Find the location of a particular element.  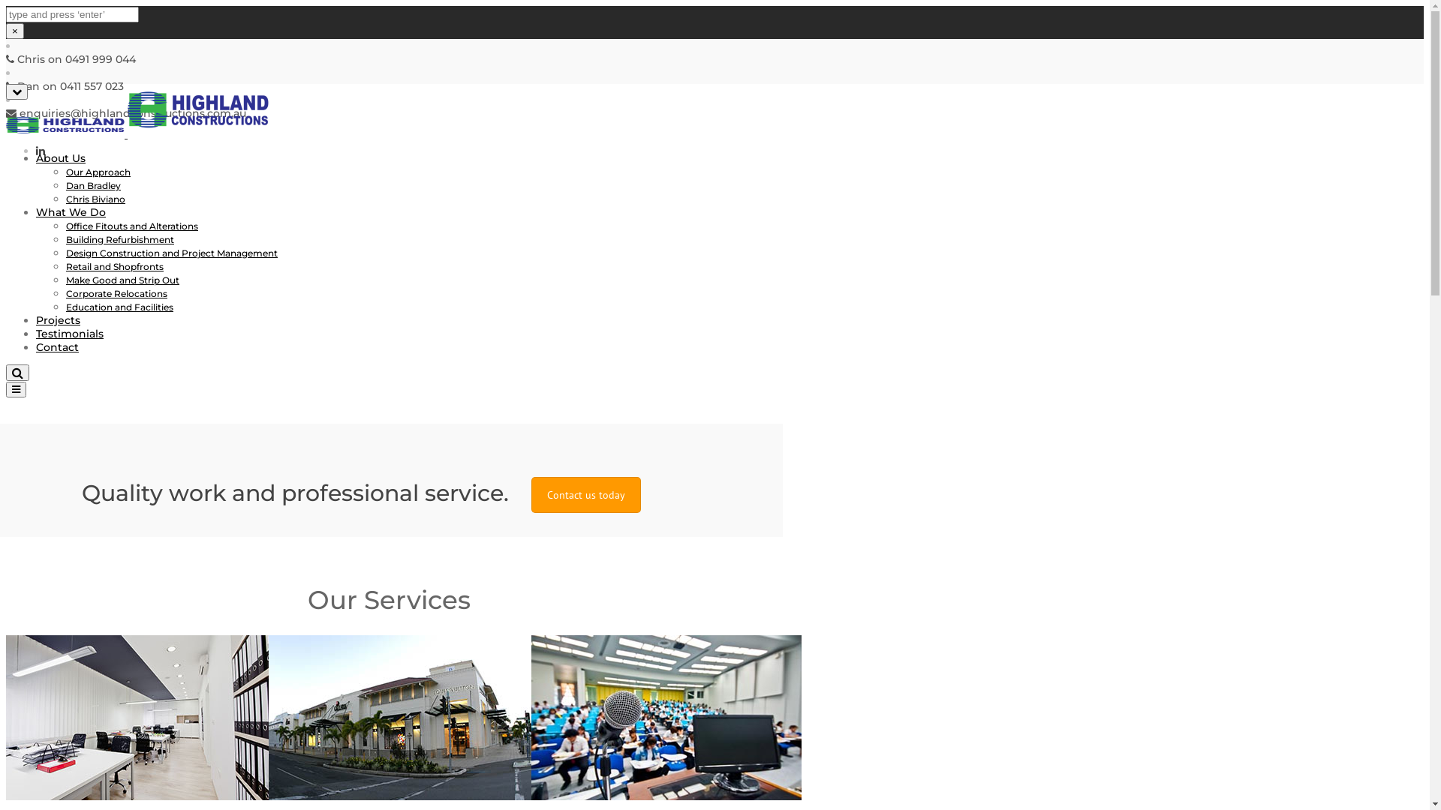

'Contact us today' is located at coordinates (531, 494).